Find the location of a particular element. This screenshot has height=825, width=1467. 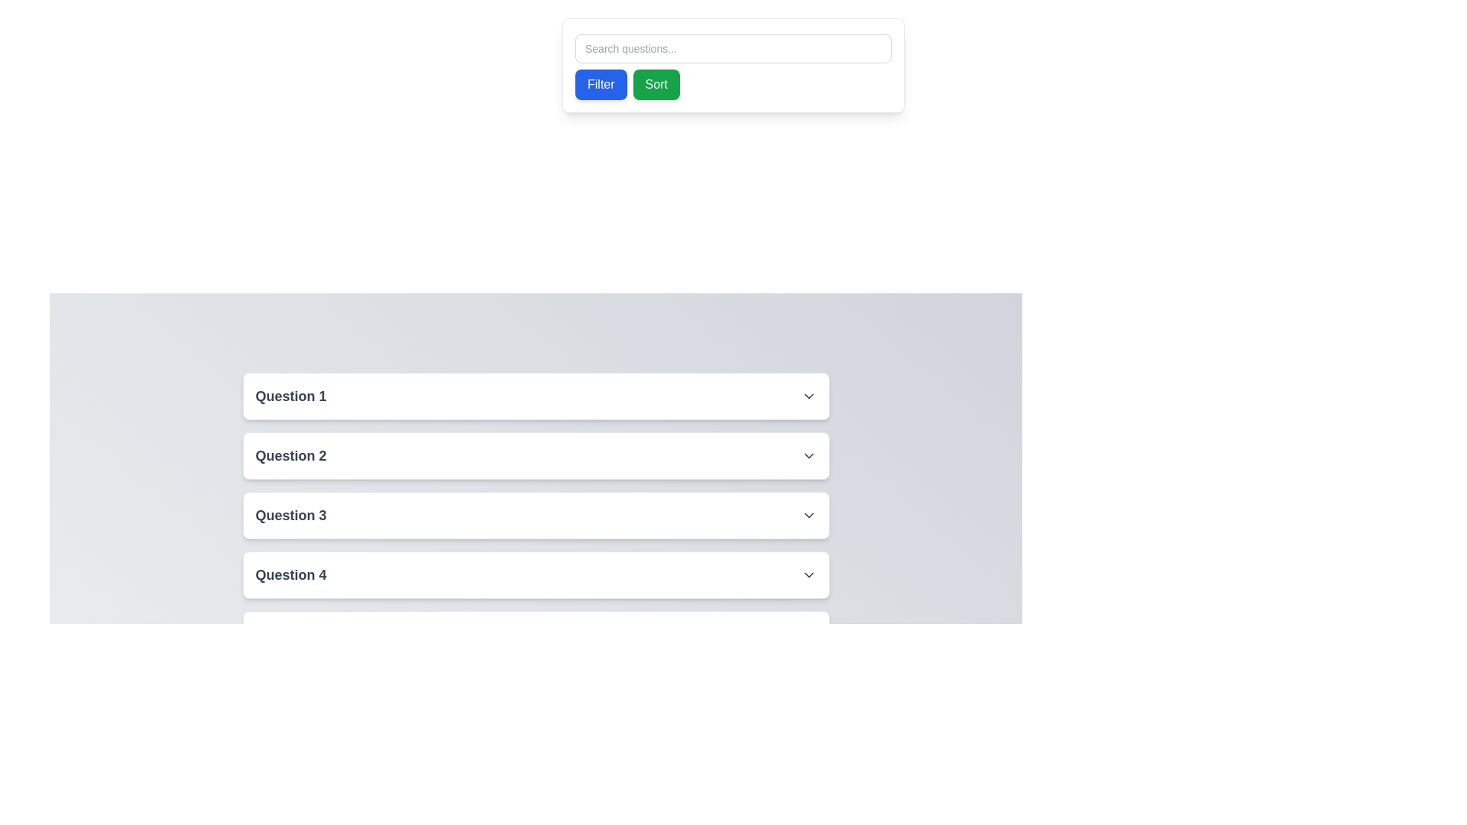

the text label that identifies the title of the section, which is located at the top-left of the first section labeled 'Question 1' is located at coordinates (290, 396).